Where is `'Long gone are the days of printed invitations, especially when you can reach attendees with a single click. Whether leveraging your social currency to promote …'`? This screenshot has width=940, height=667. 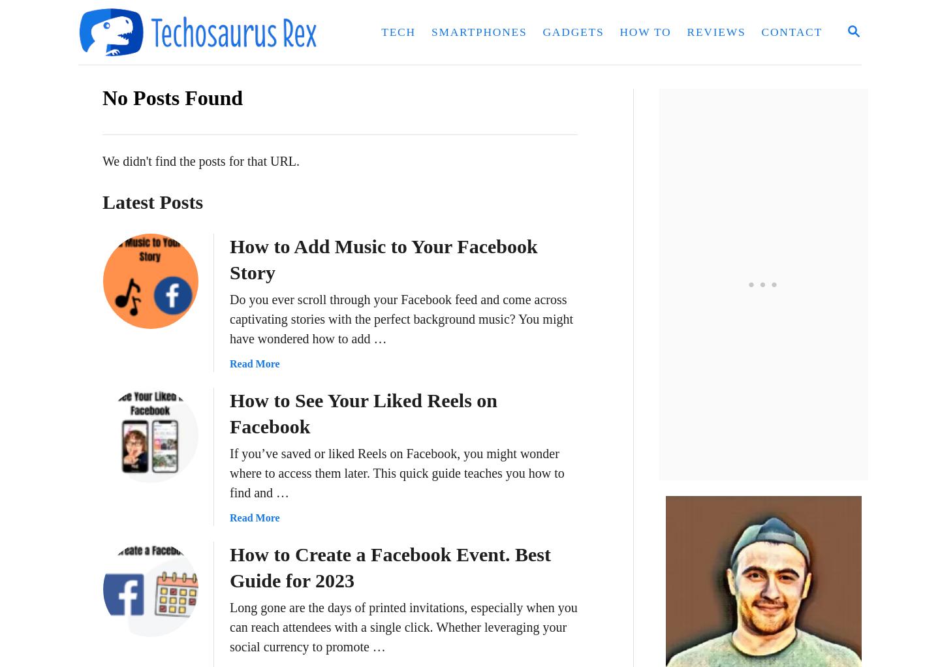
'Long gone are the days of printed invitations, especially when you can reach attendees with a single click. Whether leveraging your social currency to promote …' is located at coordinates (229, 626).